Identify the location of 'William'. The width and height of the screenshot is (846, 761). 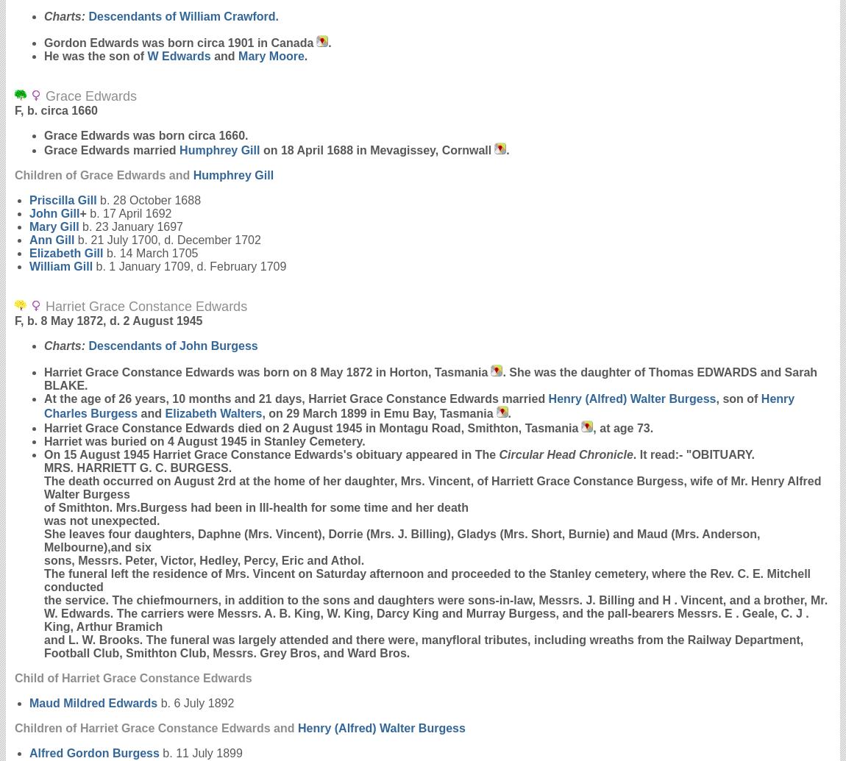
(51, 266).